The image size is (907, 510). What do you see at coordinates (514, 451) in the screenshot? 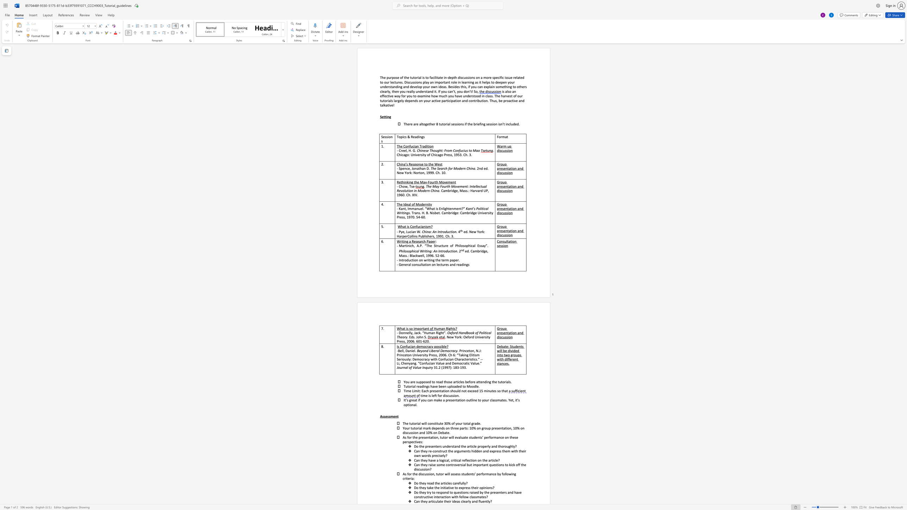
I see `the subset text "th" within the text "Can they re-construct the arguments hidden and express them with their own words precisely?"` at bounding box center [514, 451].